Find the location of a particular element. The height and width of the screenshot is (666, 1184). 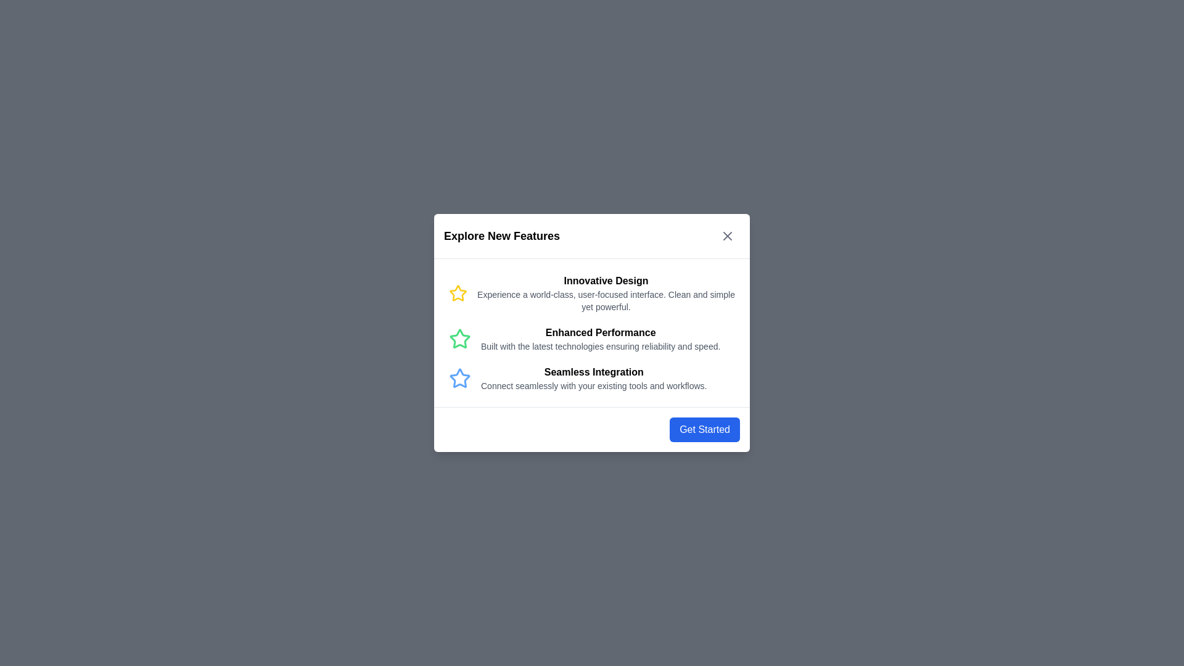

the descriptive text element providing information for 'Enhanced Performance', located directly below the subtitle is located at coordinates (601, 347).